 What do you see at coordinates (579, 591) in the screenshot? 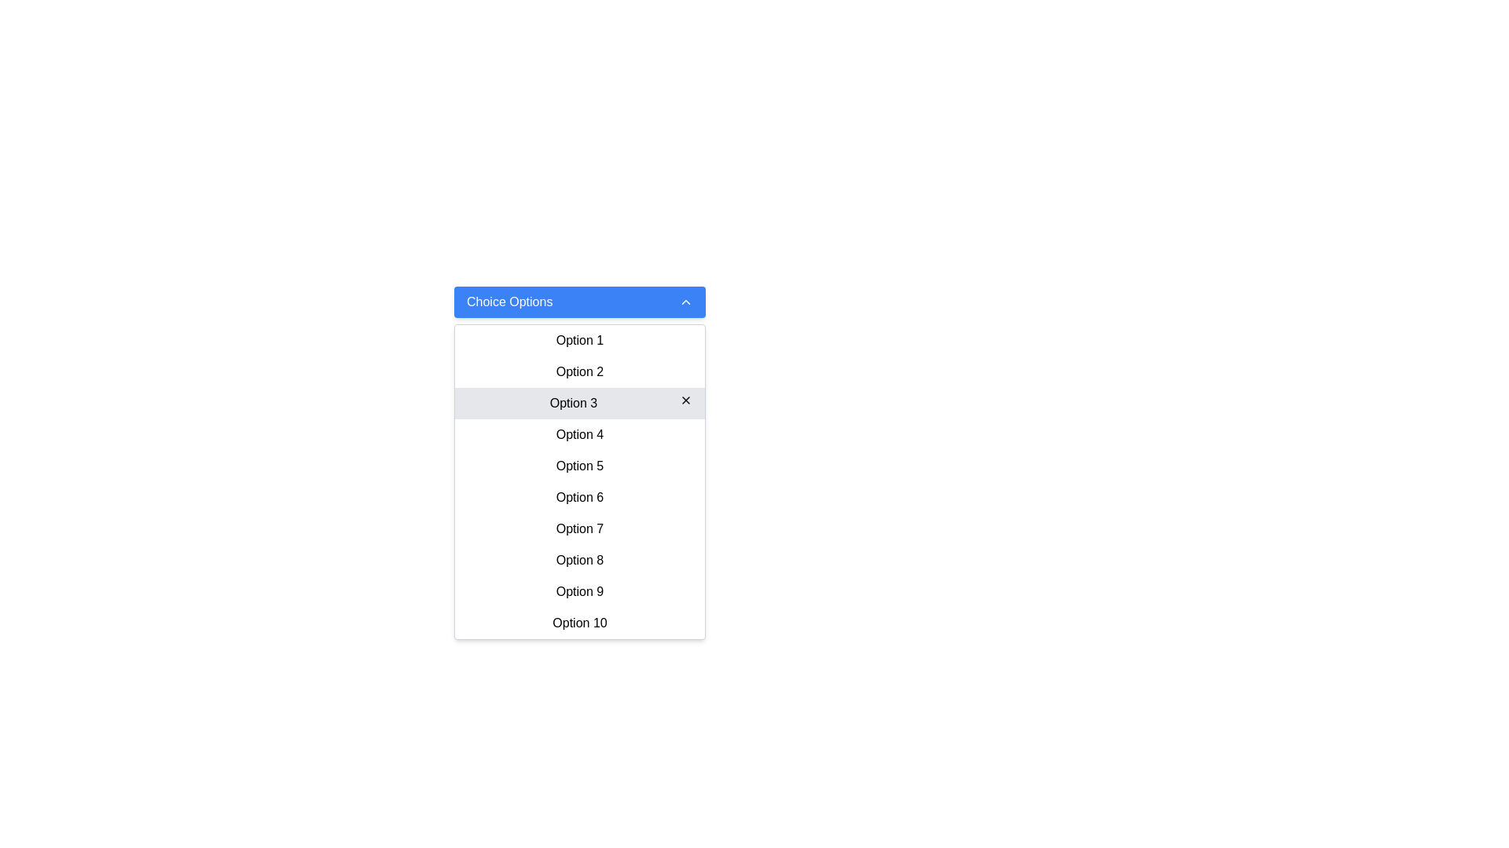
I see `the text label representing 'Option 9' in the dropdown menu` at bounding box center [579, 591].